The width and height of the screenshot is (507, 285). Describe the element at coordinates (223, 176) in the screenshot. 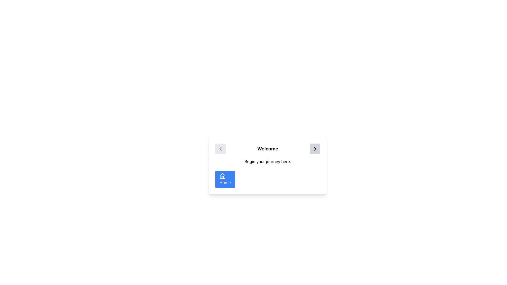

I see `the 'Home' button with the house icon` at that location.